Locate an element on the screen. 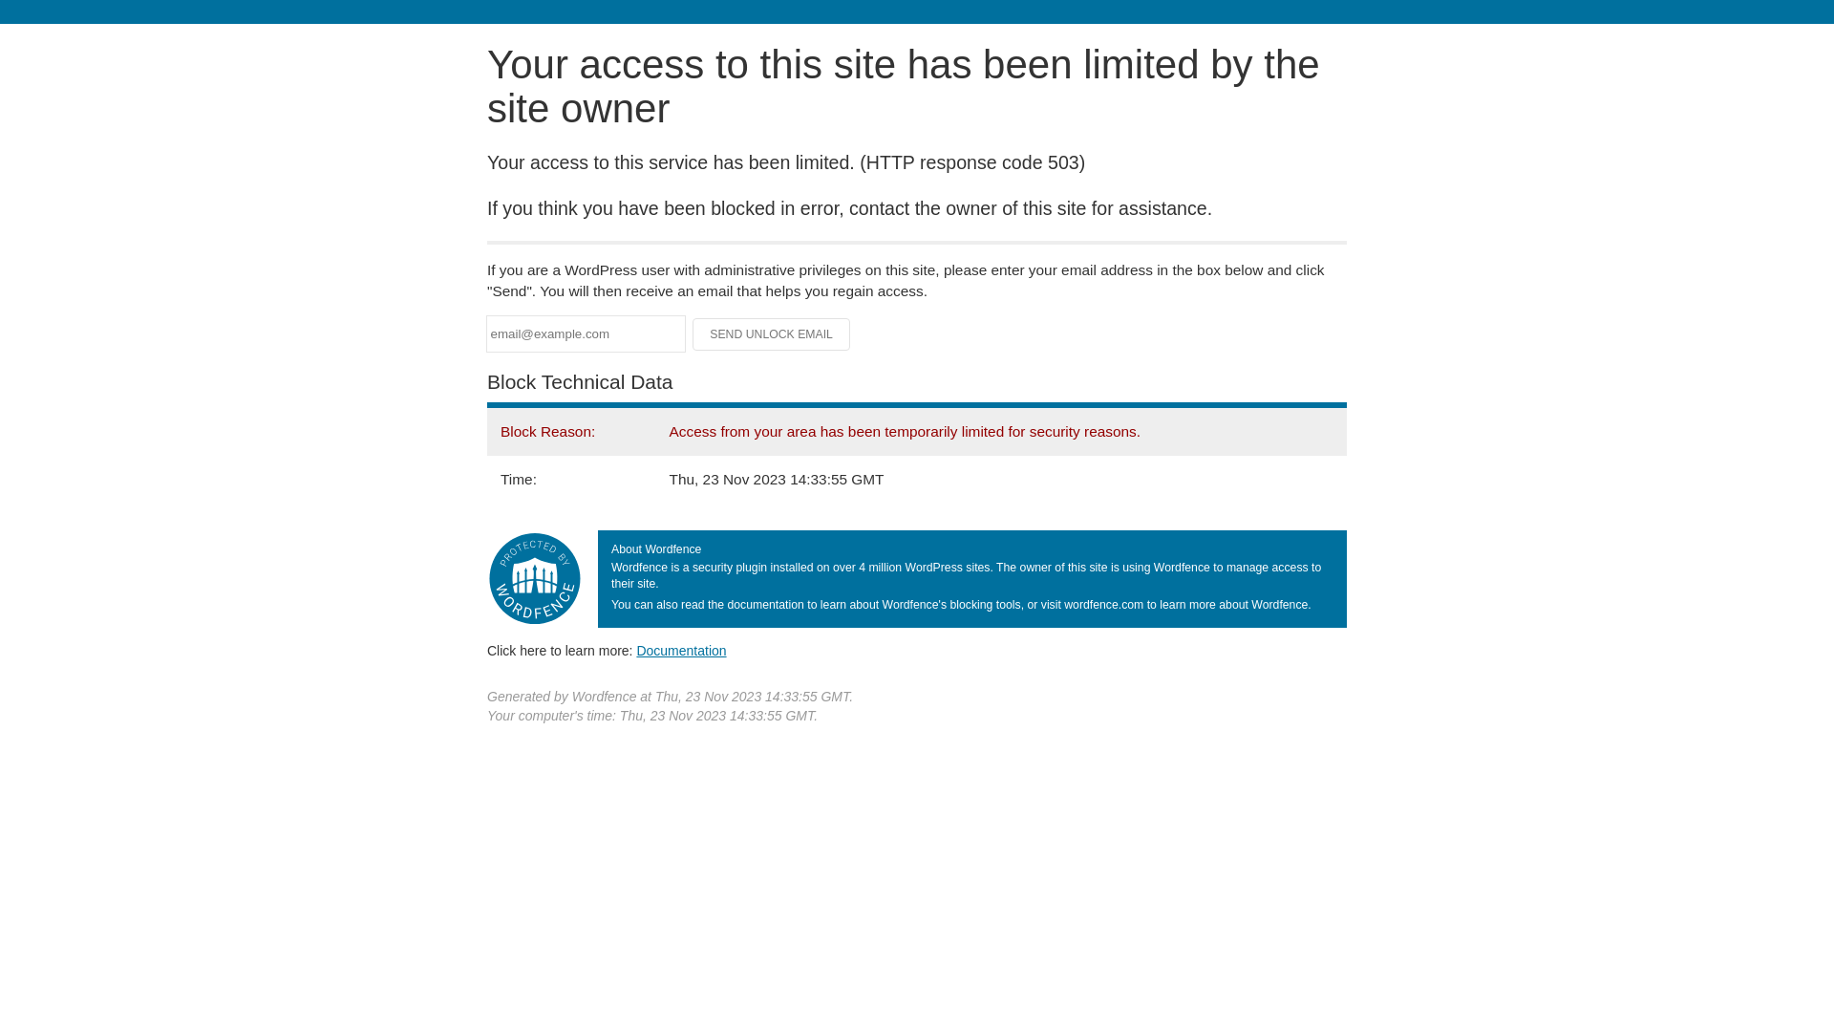 The image size is (1834, 1032). 'Documentation' is located at coordinates (636, 650).